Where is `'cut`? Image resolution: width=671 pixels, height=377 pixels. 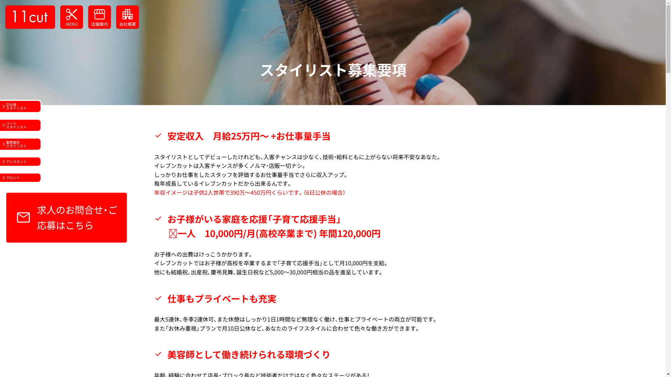 'cut is located at coordinates (72, 17).